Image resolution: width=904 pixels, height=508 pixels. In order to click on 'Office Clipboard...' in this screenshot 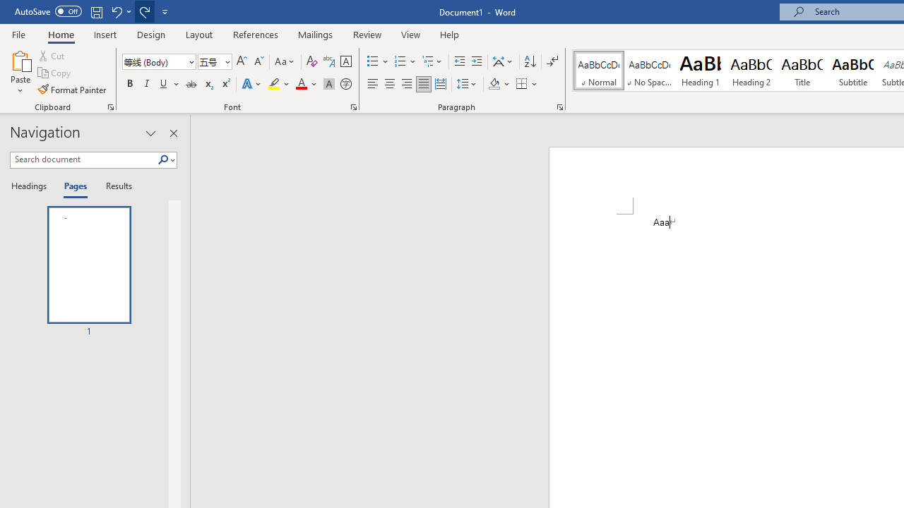, I will do `click(109, 106)`.